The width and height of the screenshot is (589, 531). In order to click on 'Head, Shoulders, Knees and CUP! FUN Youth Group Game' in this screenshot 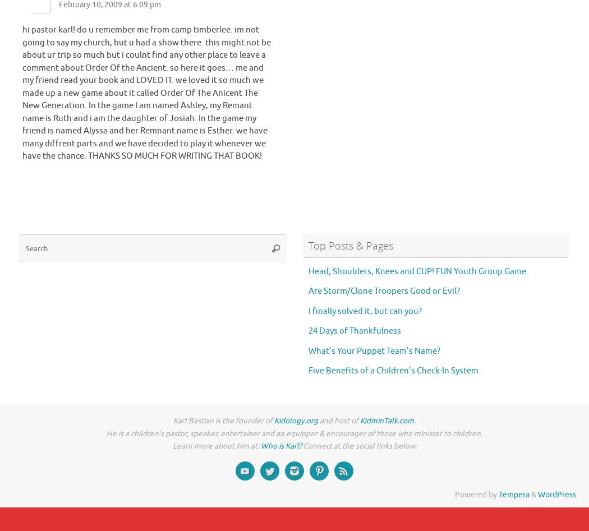, I will do `click(416, 270)`.